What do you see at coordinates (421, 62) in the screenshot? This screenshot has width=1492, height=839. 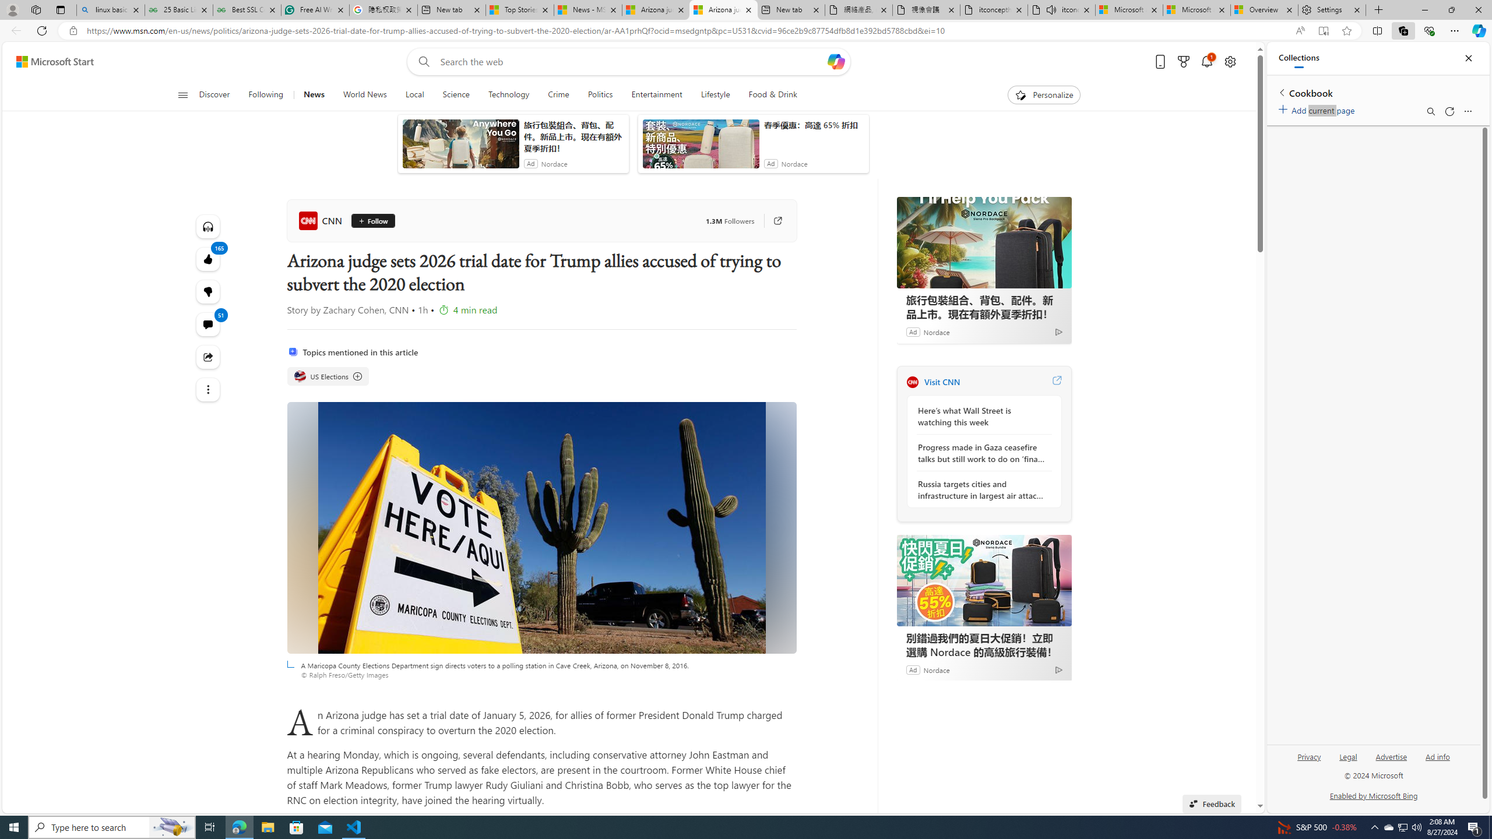 I see `'Web search'` at bounding box center [421, 62].